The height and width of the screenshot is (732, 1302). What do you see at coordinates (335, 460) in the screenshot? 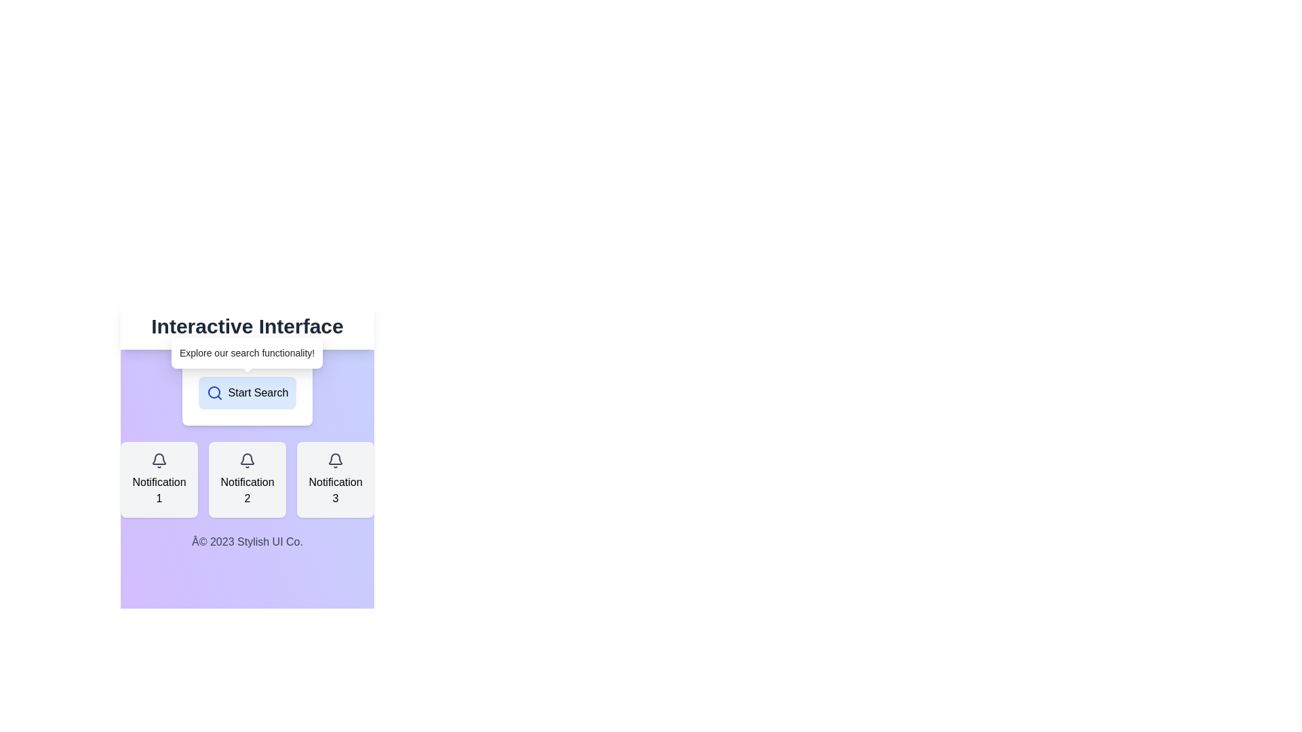
I see `the notification bell icon, which is a monochromatic gray icon symbolizing notifications, located centrally in the third row of the layout within the 'Notification 3' card` at bounding box center [335, 460].